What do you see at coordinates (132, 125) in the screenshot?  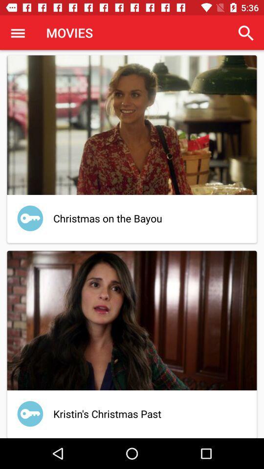 I see `first image from top` at bounding box center [132, 125].